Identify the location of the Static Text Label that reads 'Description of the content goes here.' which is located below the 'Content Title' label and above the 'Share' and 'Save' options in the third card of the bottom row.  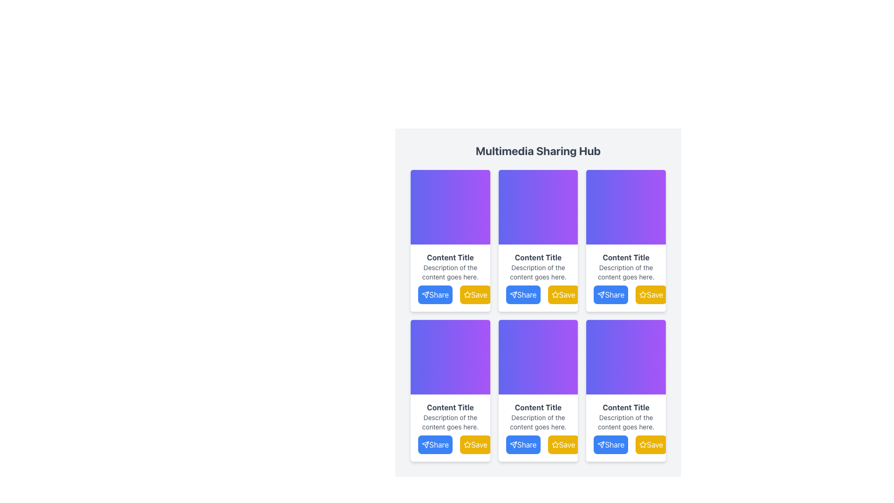
(538, 422).